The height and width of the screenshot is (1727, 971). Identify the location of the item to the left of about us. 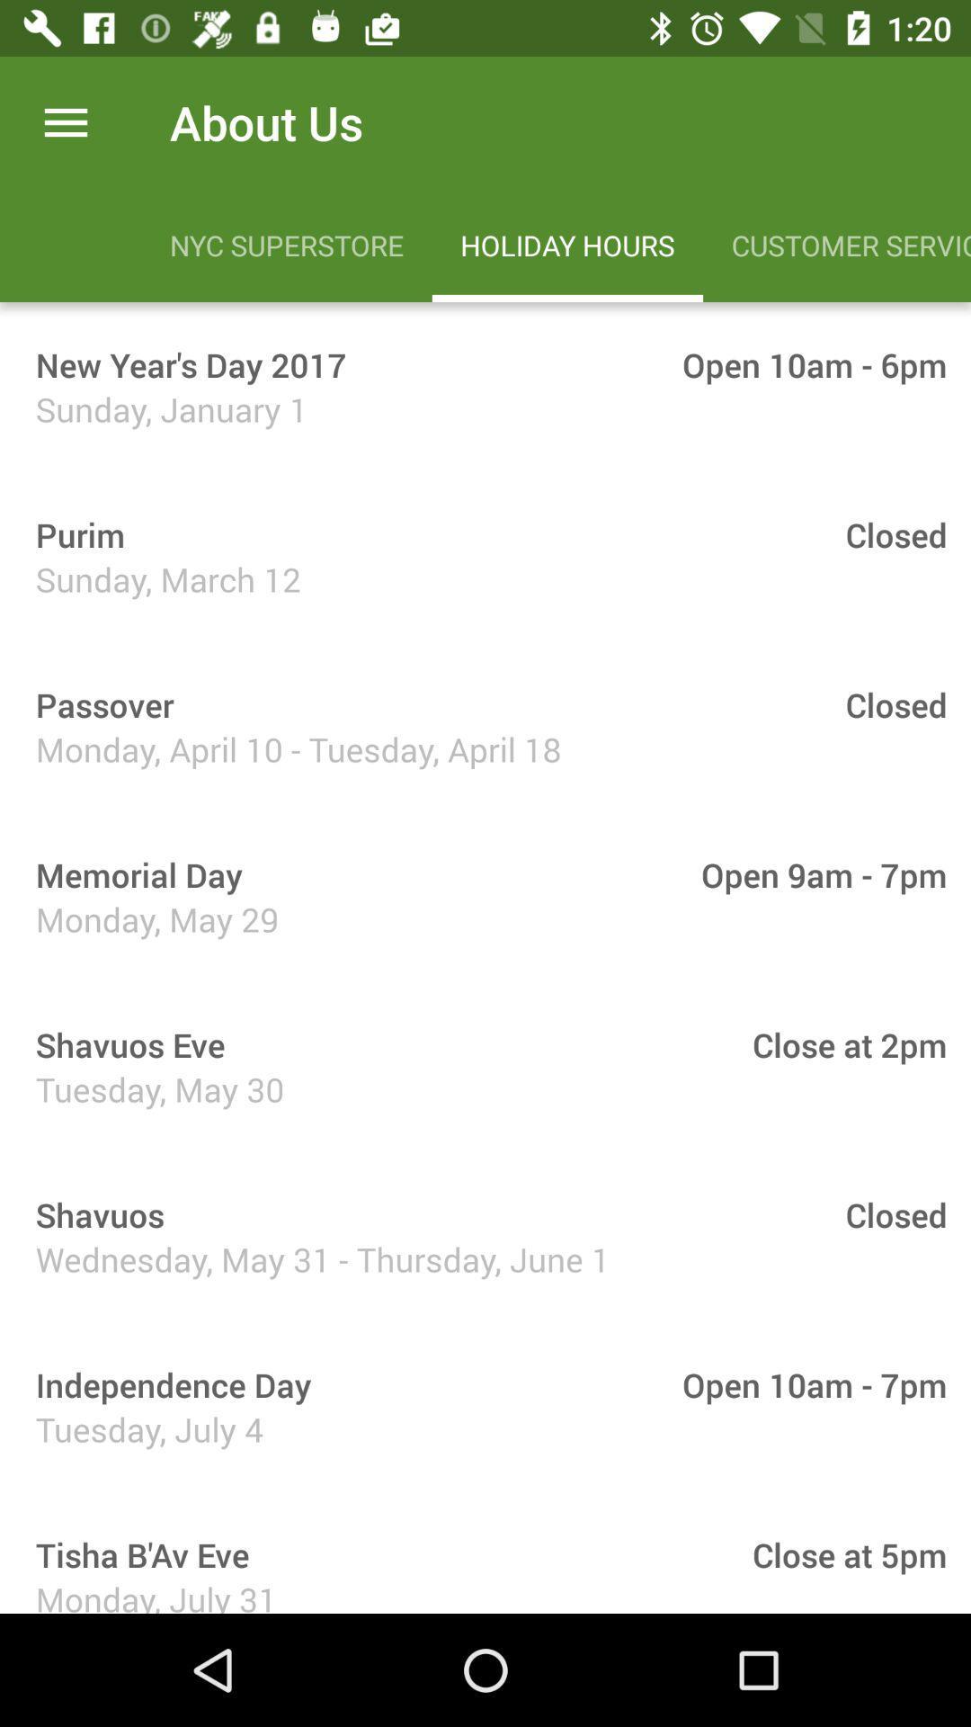
(65, 121).